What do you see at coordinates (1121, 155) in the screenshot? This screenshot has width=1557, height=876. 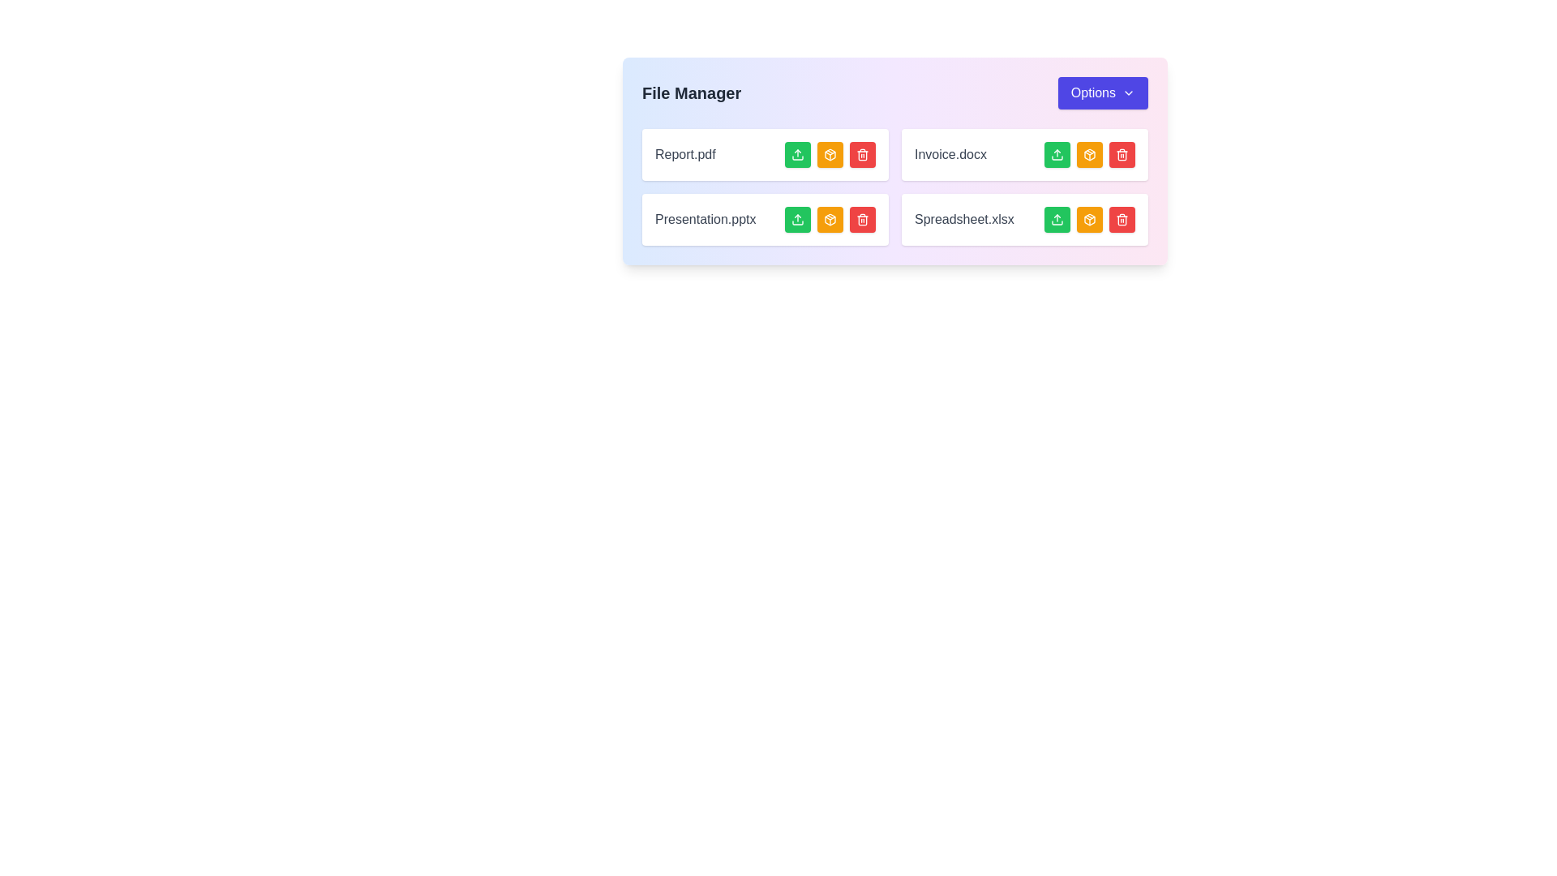 I see `the delete button, which is the last button in the horizontal line of actions associated with the second file in the second row of the file manager interface` at bounding box center [1121, 155].